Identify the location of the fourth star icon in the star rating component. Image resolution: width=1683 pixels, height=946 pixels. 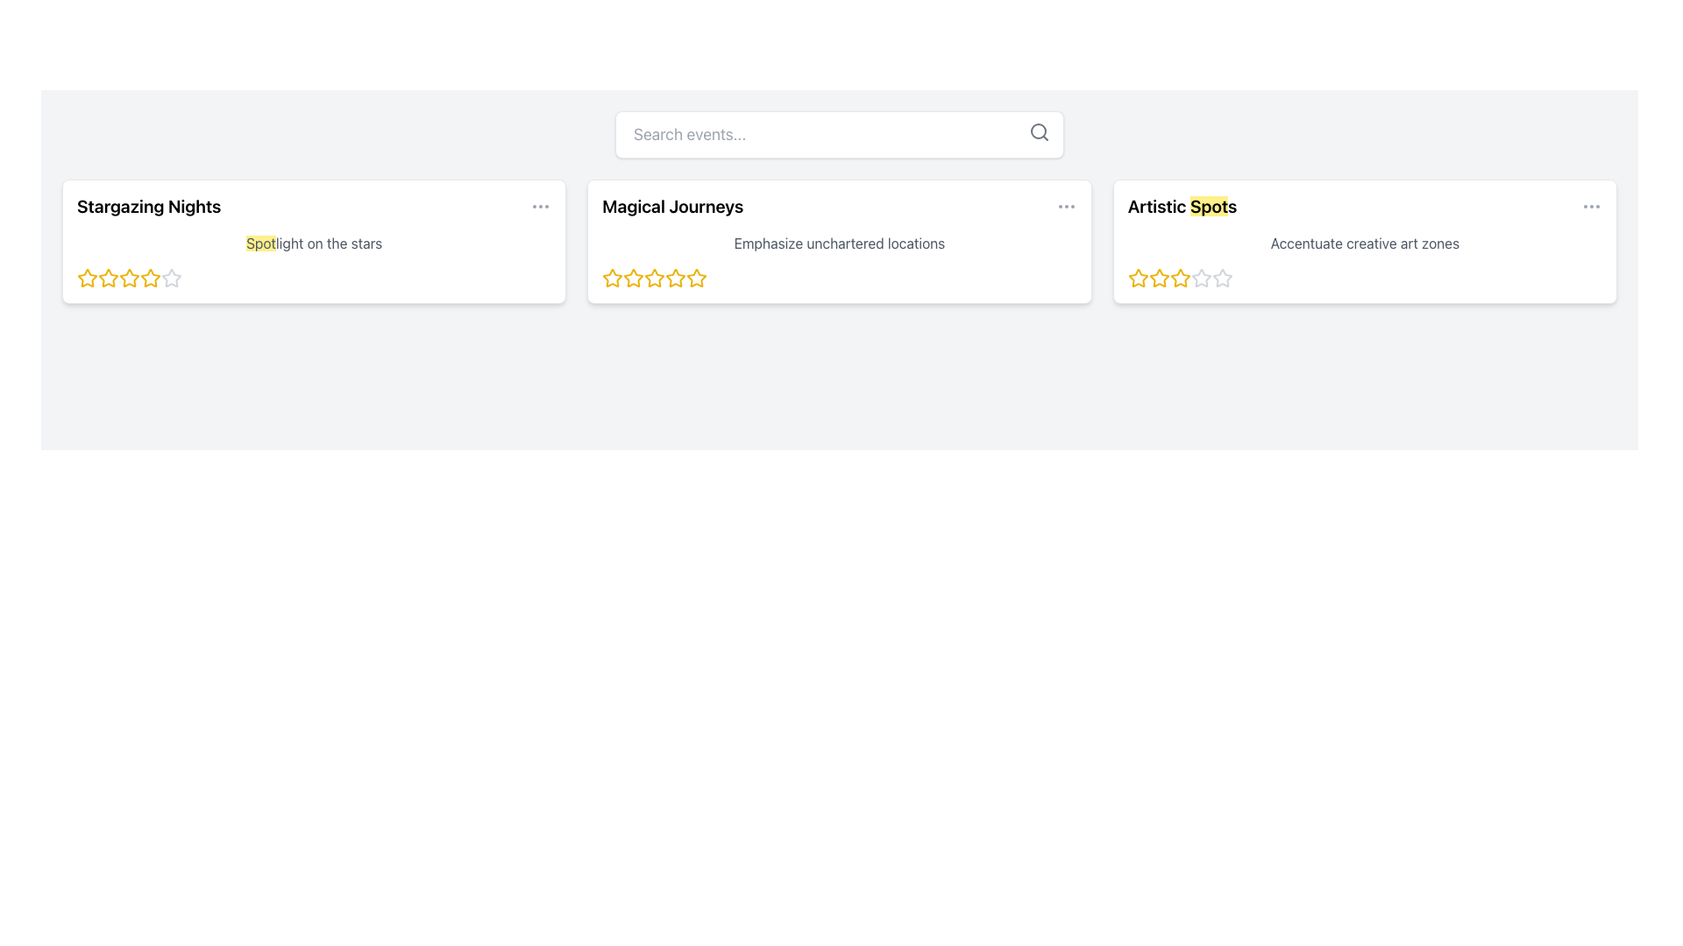
(129, 277).